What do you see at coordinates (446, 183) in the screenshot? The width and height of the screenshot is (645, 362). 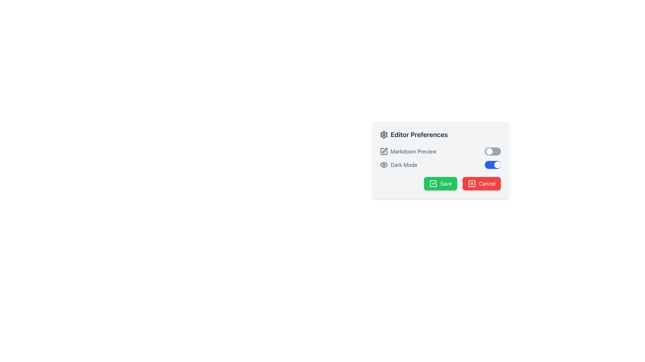 I see `the 'Save' text label of the button located at the bottom of the 'Editor Preferences' modal` at bounding box center [446, 183].